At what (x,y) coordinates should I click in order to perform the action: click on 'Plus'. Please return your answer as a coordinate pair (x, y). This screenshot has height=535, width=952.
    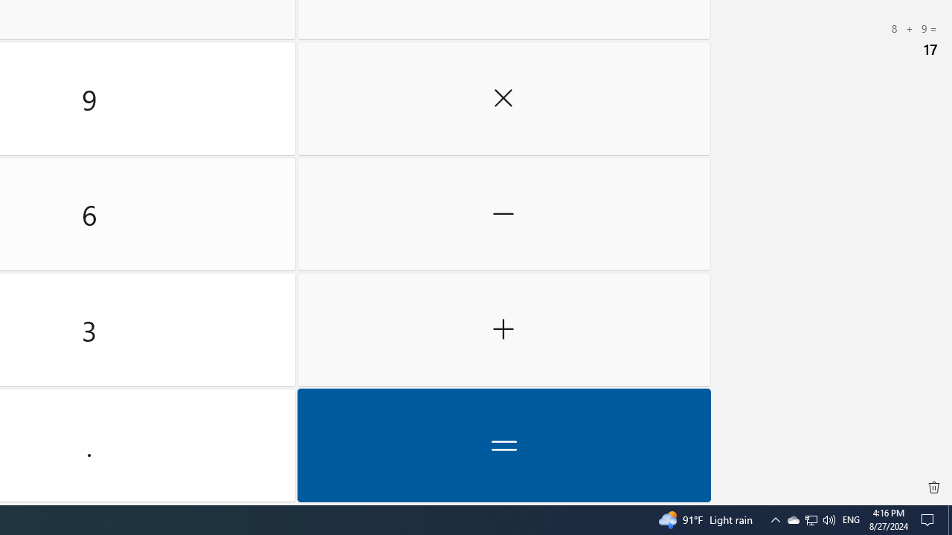
    Looking at the image, I should click on (504, 329).